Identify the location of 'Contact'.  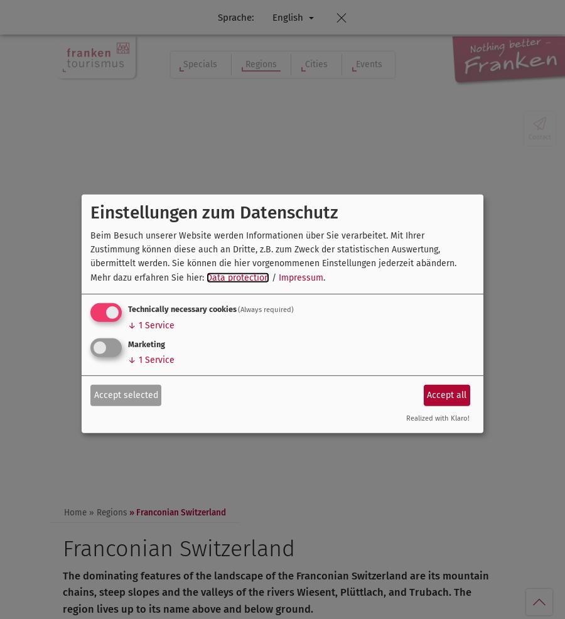
(540, 136).